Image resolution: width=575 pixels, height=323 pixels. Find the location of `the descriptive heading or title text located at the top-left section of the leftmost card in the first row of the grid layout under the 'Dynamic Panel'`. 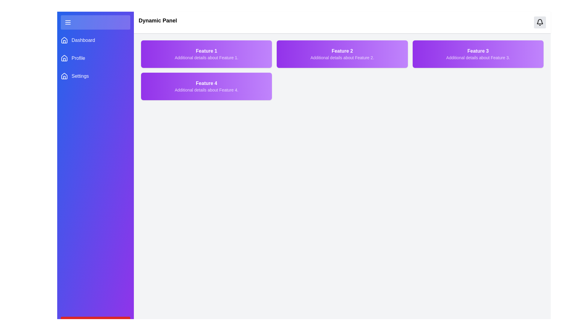

the descriptive heading or title text located at the top-left section of the leftmost card in the first row of the grid layout under the 'Dynamic Panel' is located at coordinates (206, 51).